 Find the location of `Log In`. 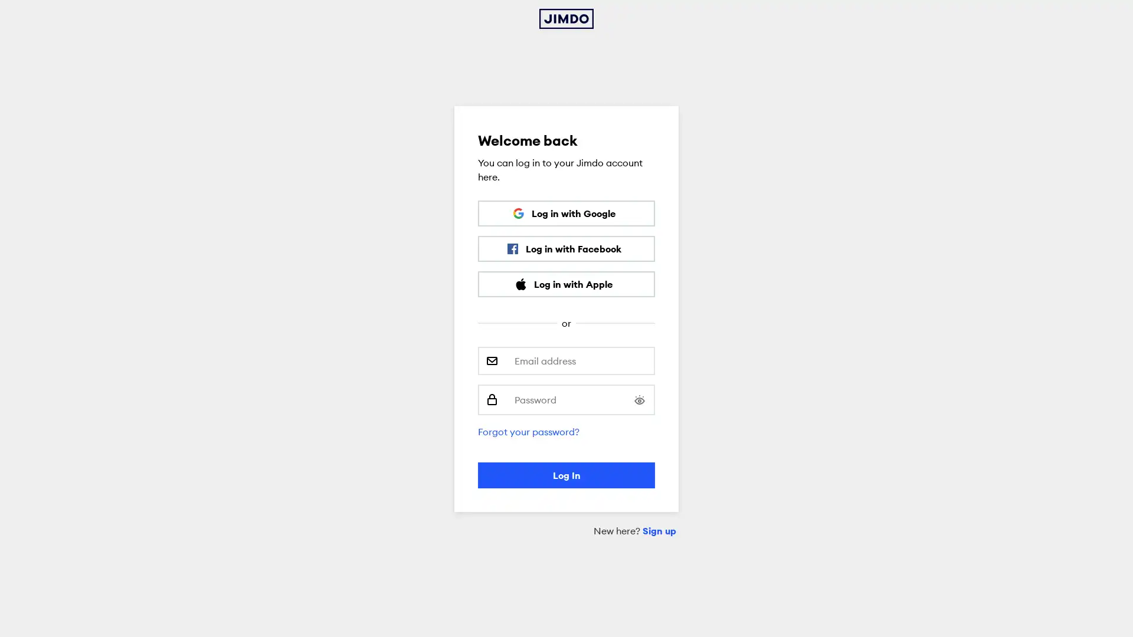

Log In is located at coordinates (566, 475).